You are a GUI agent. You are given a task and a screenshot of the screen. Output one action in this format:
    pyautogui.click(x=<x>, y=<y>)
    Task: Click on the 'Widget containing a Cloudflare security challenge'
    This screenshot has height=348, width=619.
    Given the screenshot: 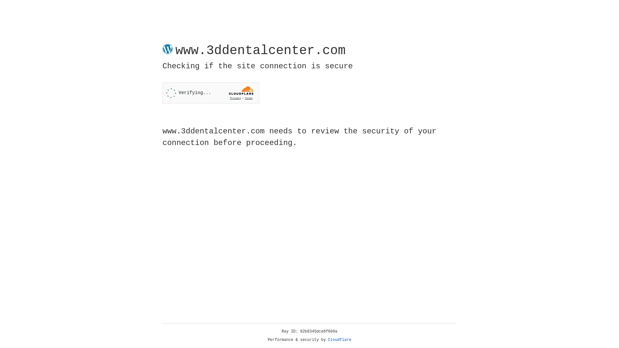 What is the action you would take?
    pyautogui.click(x=211, y=93)
    